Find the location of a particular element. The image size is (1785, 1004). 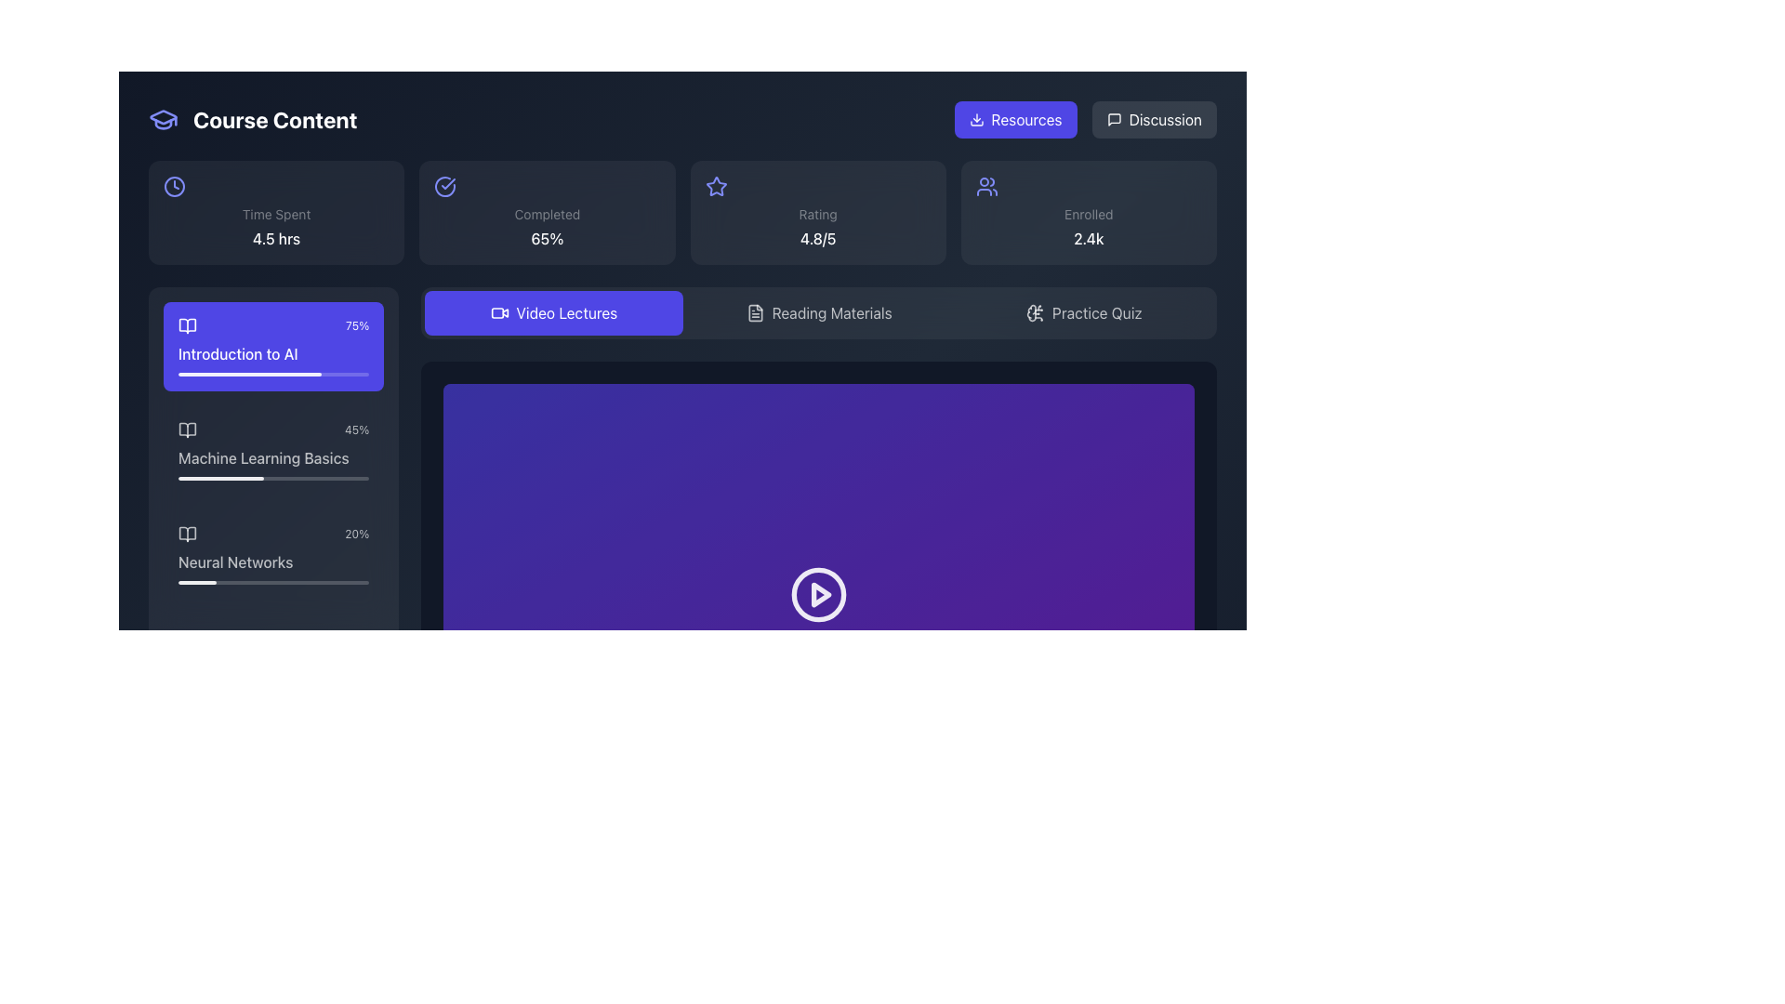

the play button located at the center of the Video Preview Section, which features a gradient purple background and the title 'Understanding AI Fundamentals' is located at coordinates (818, 595).